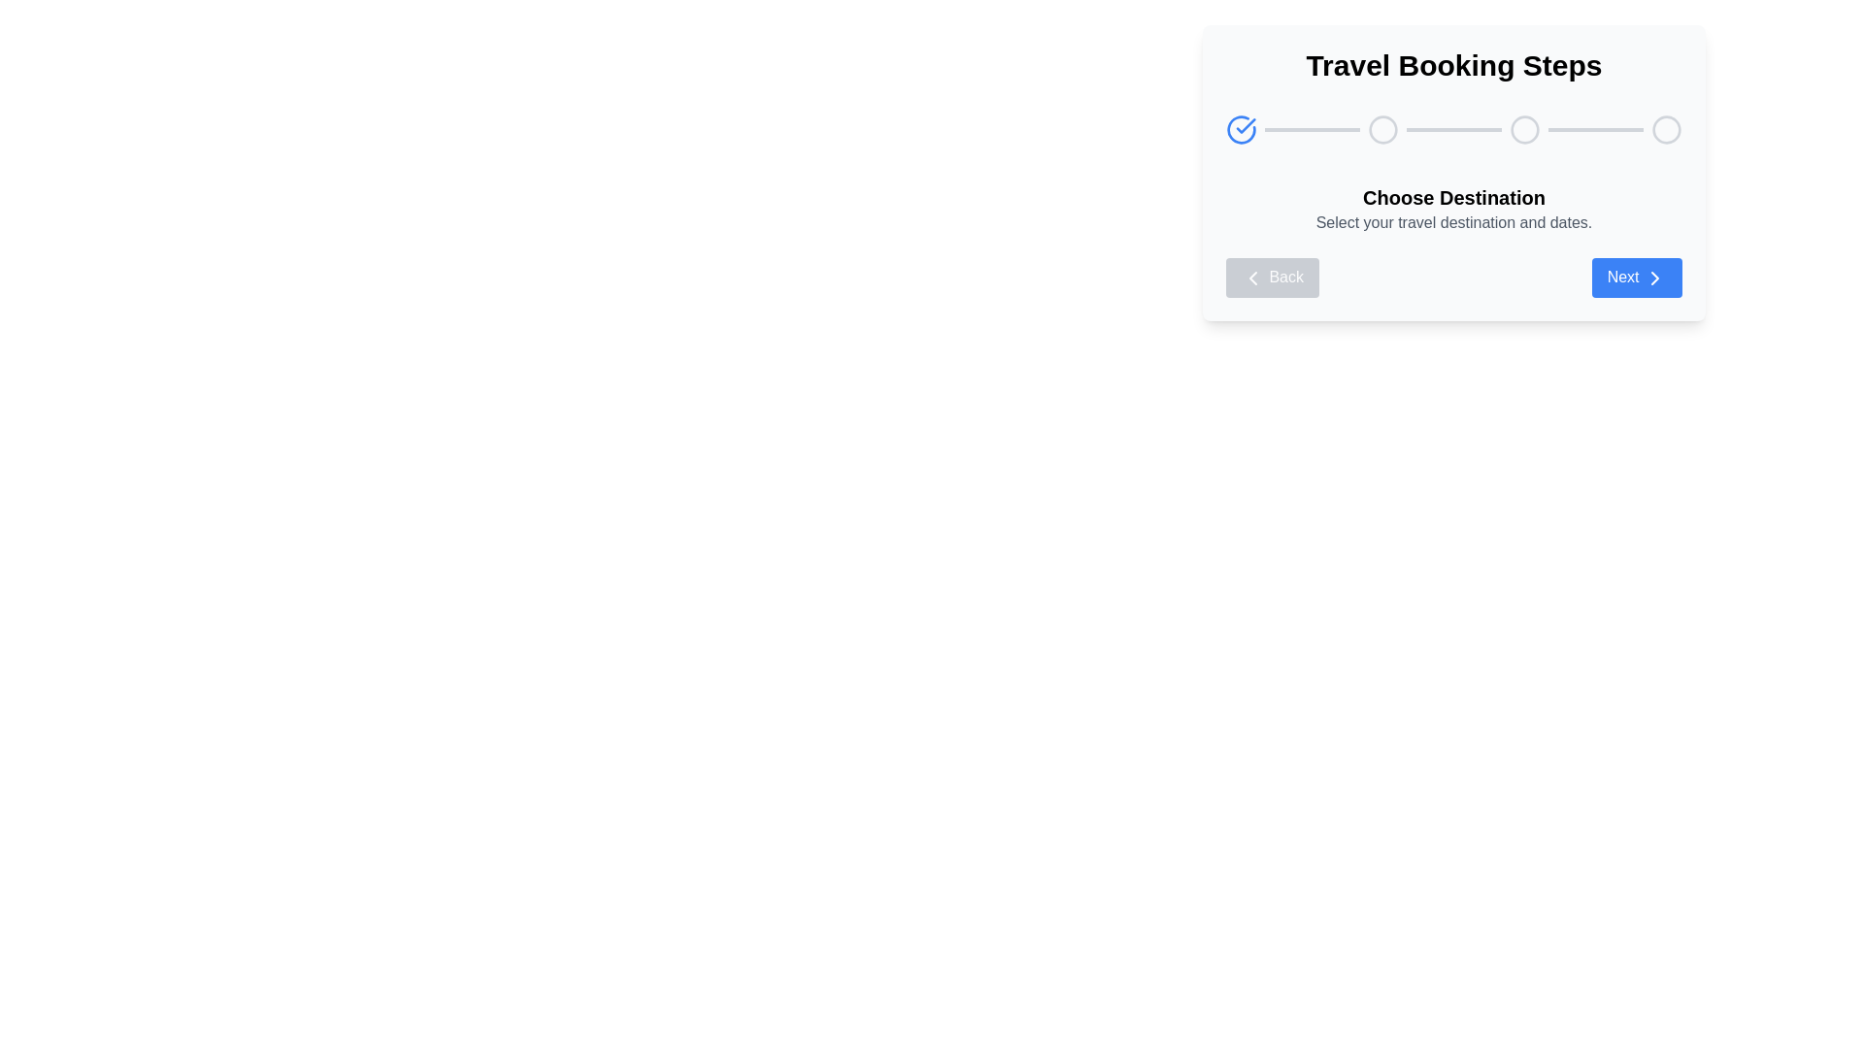  I want to click on the second circular step indicator in the step progression bar, which visually represents a stage in the workflow, so click(1523, 130).